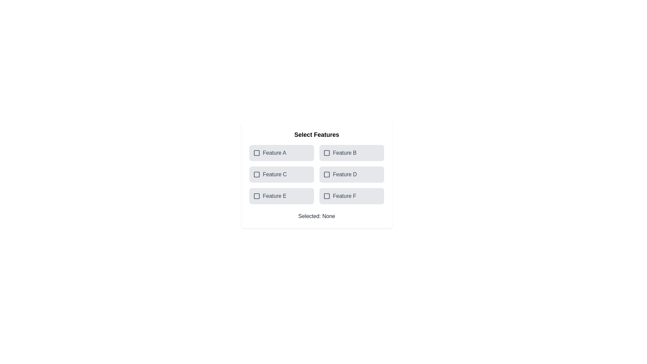 This screenshot has height=364, width=647. Describe the element at coordinates (345, 174) in the screenshot. I see `text label displaying 'Feature D' within the fourth feature item located in the second column of the second row of the grid` at that location.